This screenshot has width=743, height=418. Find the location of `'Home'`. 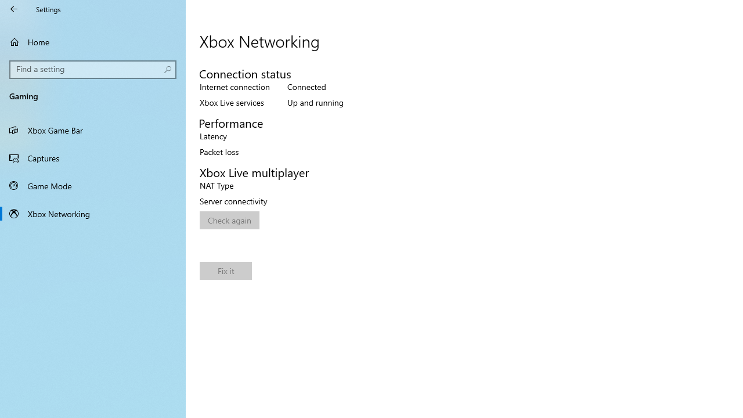

'Home' is located at coordinates (93, 41).